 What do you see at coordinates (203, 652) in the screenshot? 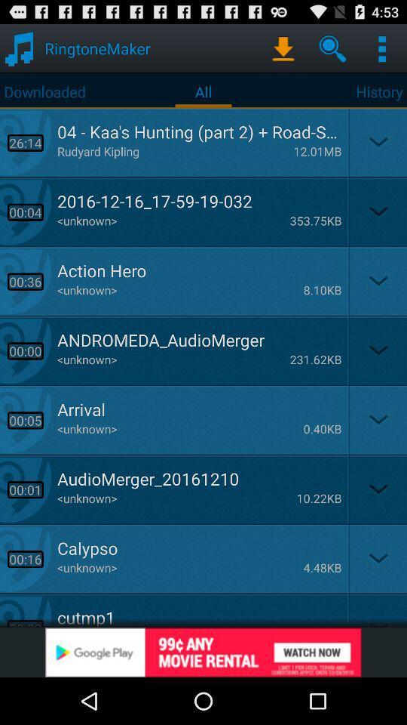
I see `open advertisement` at bounding box center [203, 652].